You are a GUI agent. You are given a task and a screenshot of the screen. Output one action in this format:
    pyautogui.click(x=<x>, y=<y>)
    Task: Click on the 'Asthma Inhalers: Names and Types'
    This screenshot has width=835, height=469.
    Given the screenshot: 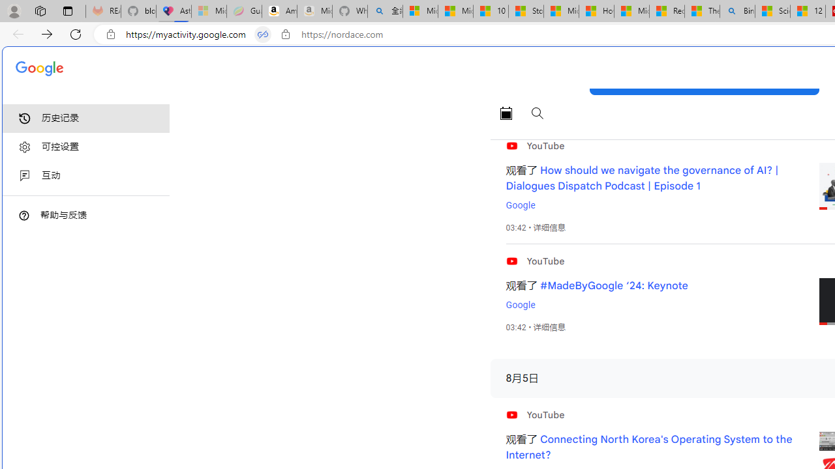 What is the action you would take?
    pyautogui.click(x=173, y=11)
    